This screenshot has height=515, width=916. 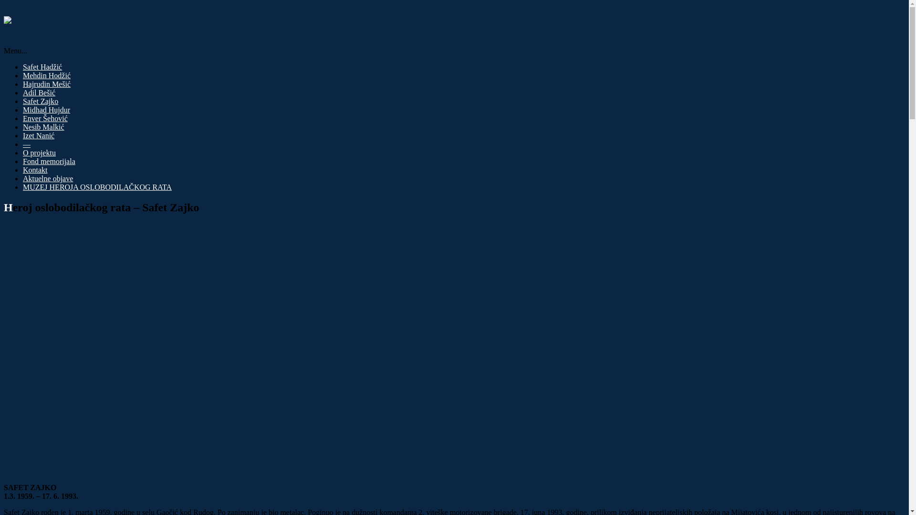 What do you see at coordinates (40, 101) in the screenshot?
I see `'Safet Zajko'` at bounding box center [40, 101].